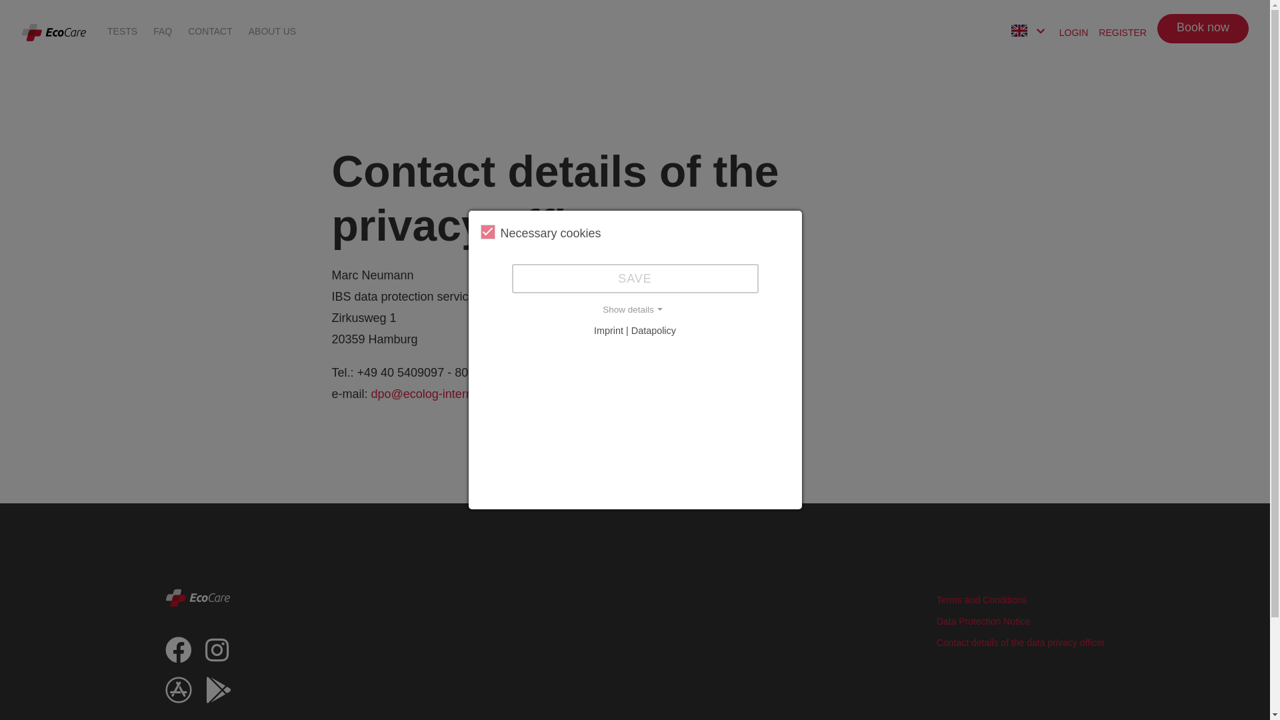  Describe the element at coordinates (1011, 32) in the screenshot. I see `'EN'` at that location.